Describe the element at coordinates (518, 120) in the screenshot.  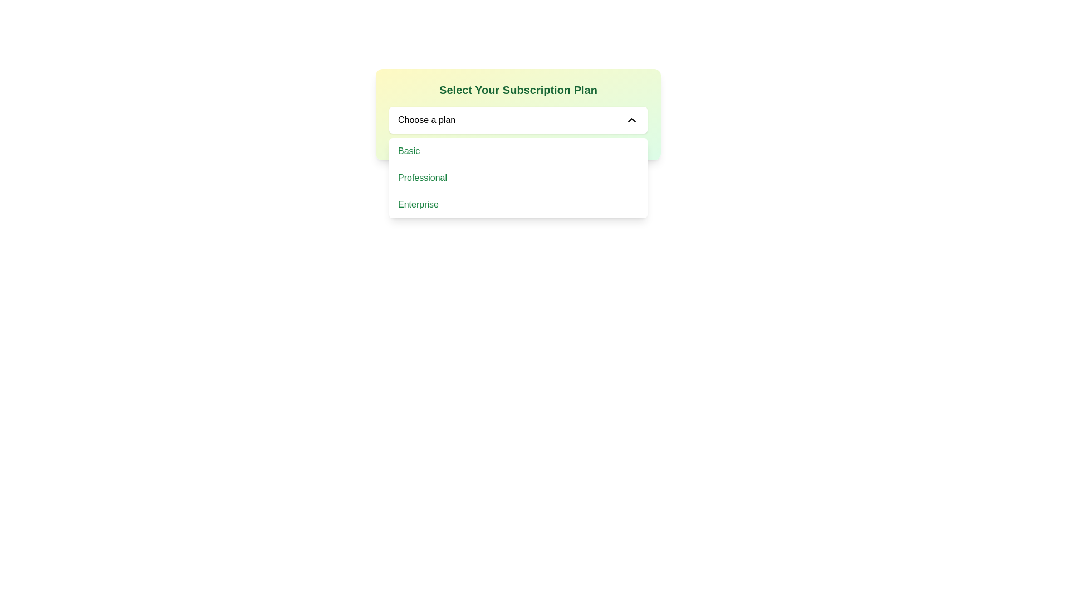
I see `the dropdown menu for selecting a subscription plan` at that location.